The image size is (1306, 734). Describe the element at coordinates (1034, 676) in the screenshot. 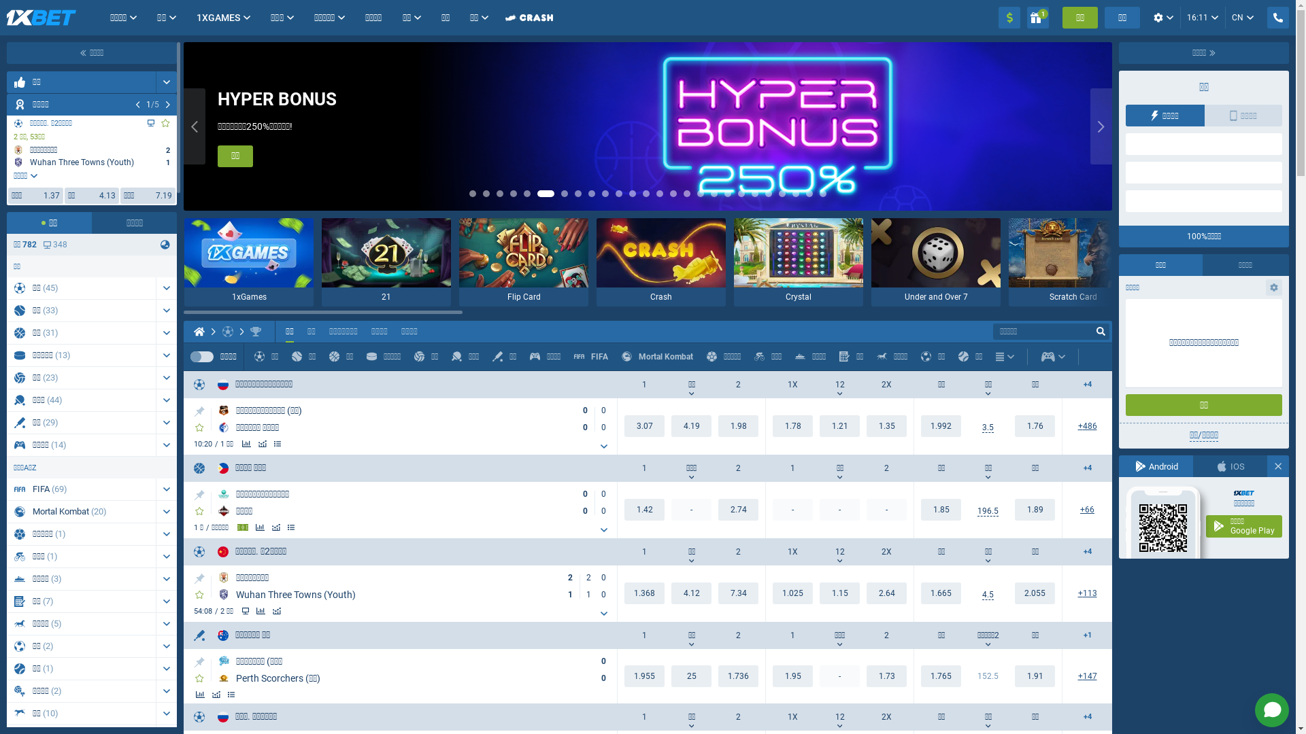

I see `'1.91'` at that location.